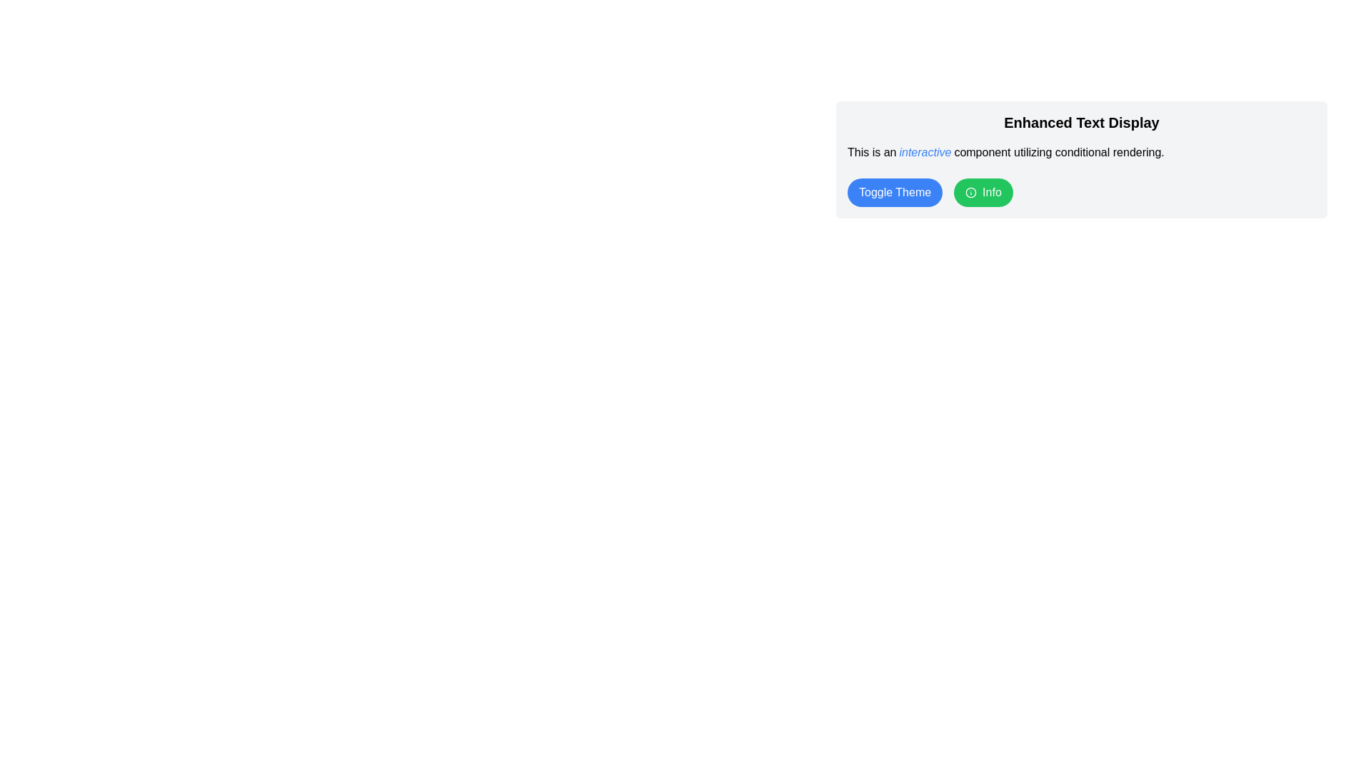 Image resolution: width=1371 pixels, height=771 pixels. I want to click on the italic blue text 'interactive' located within the 'Enhanced Text Display' box, positioned between 'This is an' and 'component utilizing conditional rendering.', so click(925, 152).